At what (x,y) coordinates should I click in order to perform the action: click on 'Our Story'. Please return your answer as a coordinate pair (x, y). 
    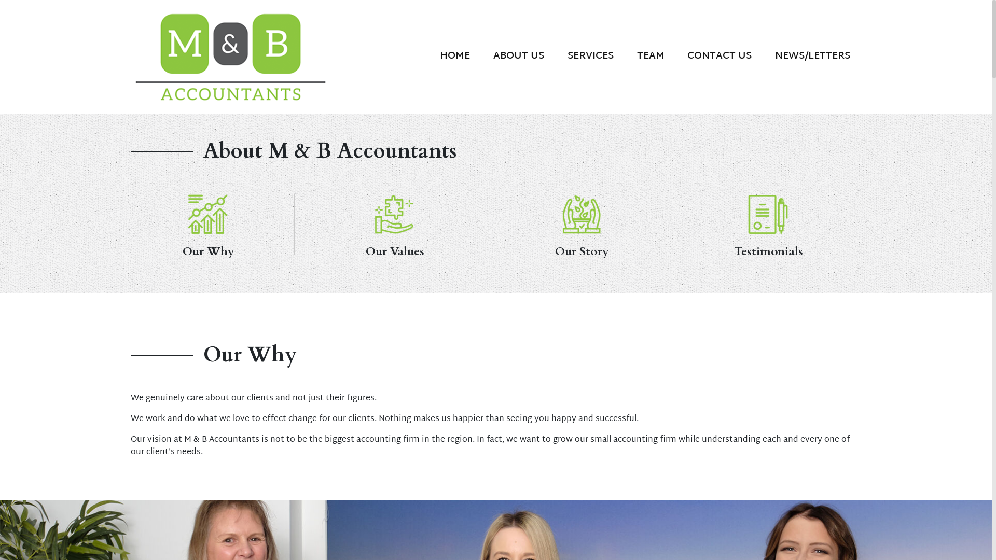
    Looking at the image, I should click on (582, 223).